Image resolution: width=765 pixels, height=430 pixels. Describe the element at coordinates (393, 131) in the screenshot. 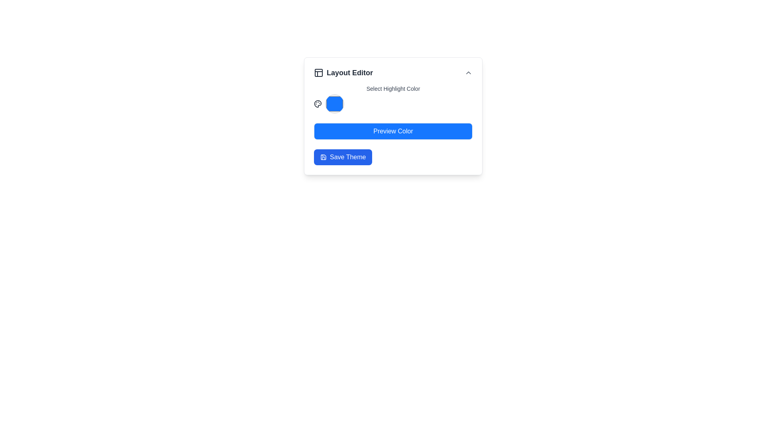

I see `the 'Preview Color' button, which has a bright blue background and is labeled in white text, located at the center of the layout editor interface` at that location.